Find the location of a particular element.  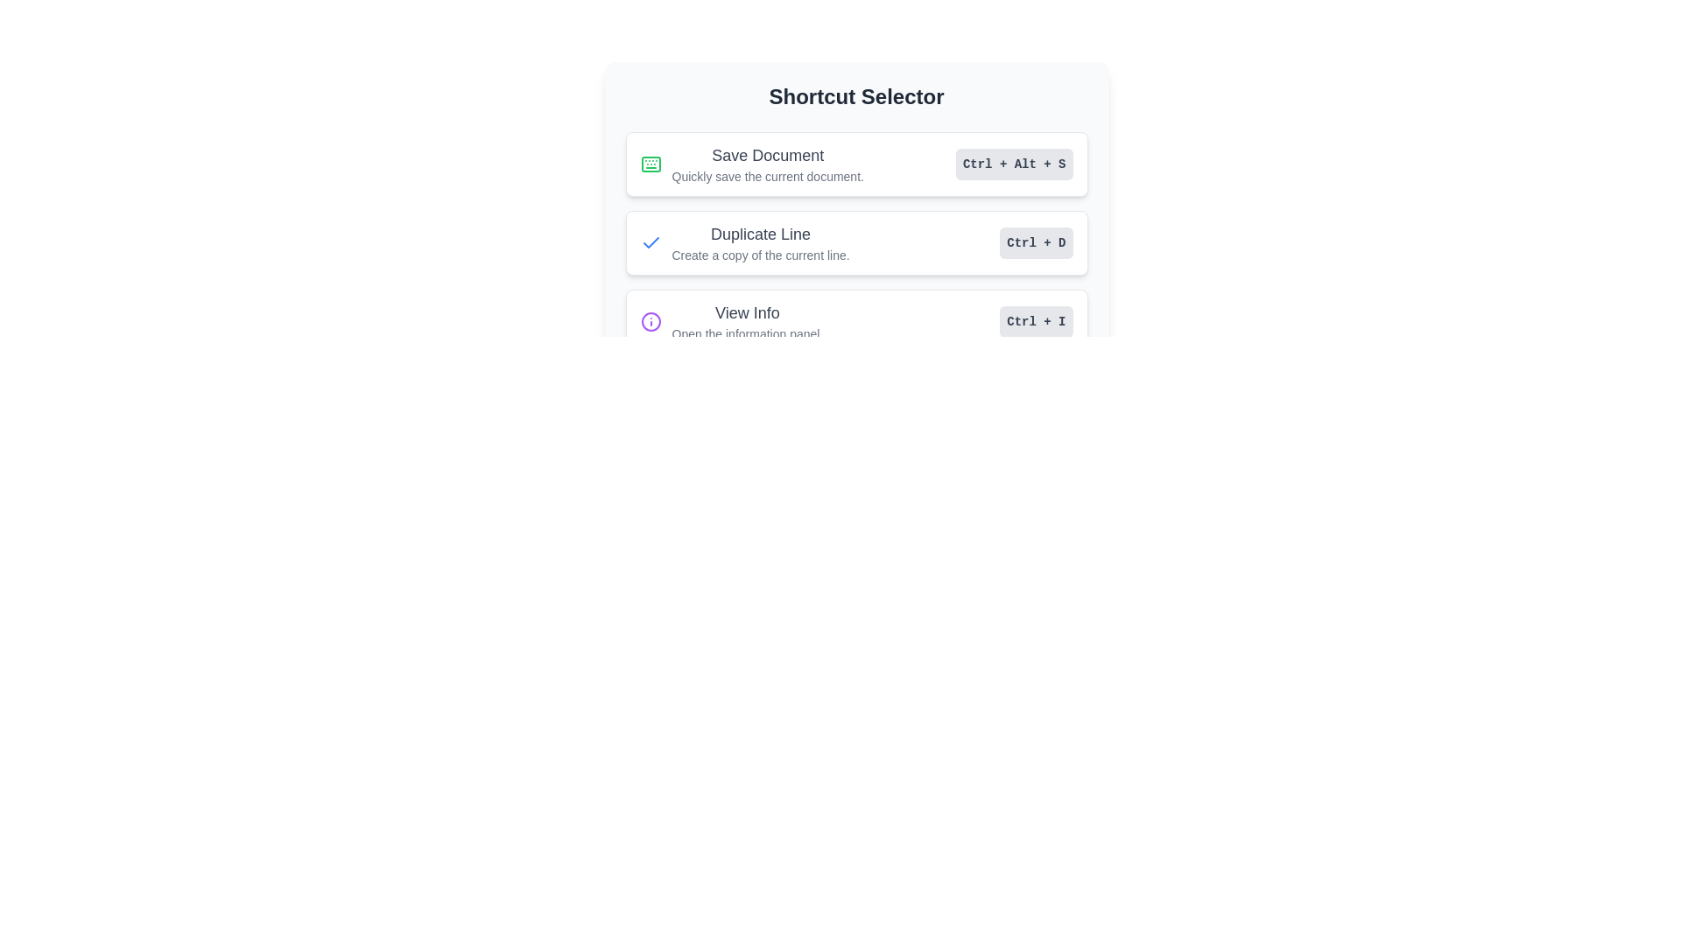

the first item in the 'Shortcut Selector' interface that indicates 'Save Document' with an embedded icon and keyboard shortcut is located at coordinates (752, 164).